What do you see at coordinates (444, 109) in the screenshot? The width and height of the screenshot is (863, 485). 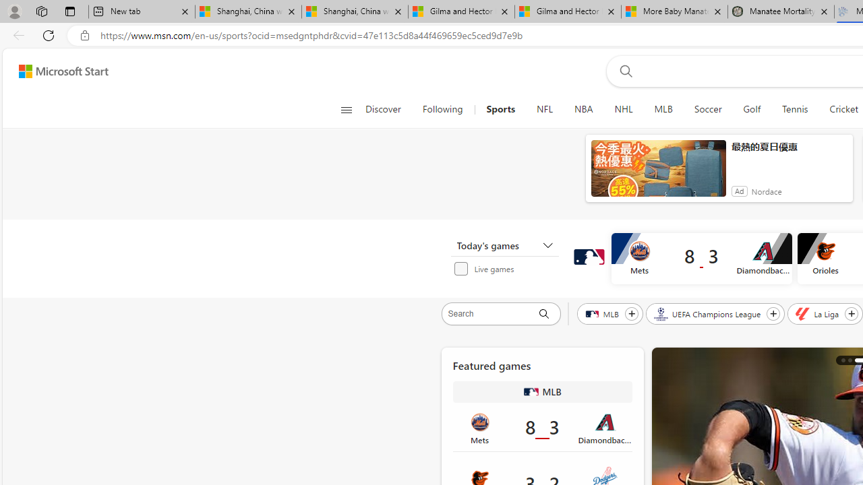 I see `'Following'` at bounding box center [444, 109].